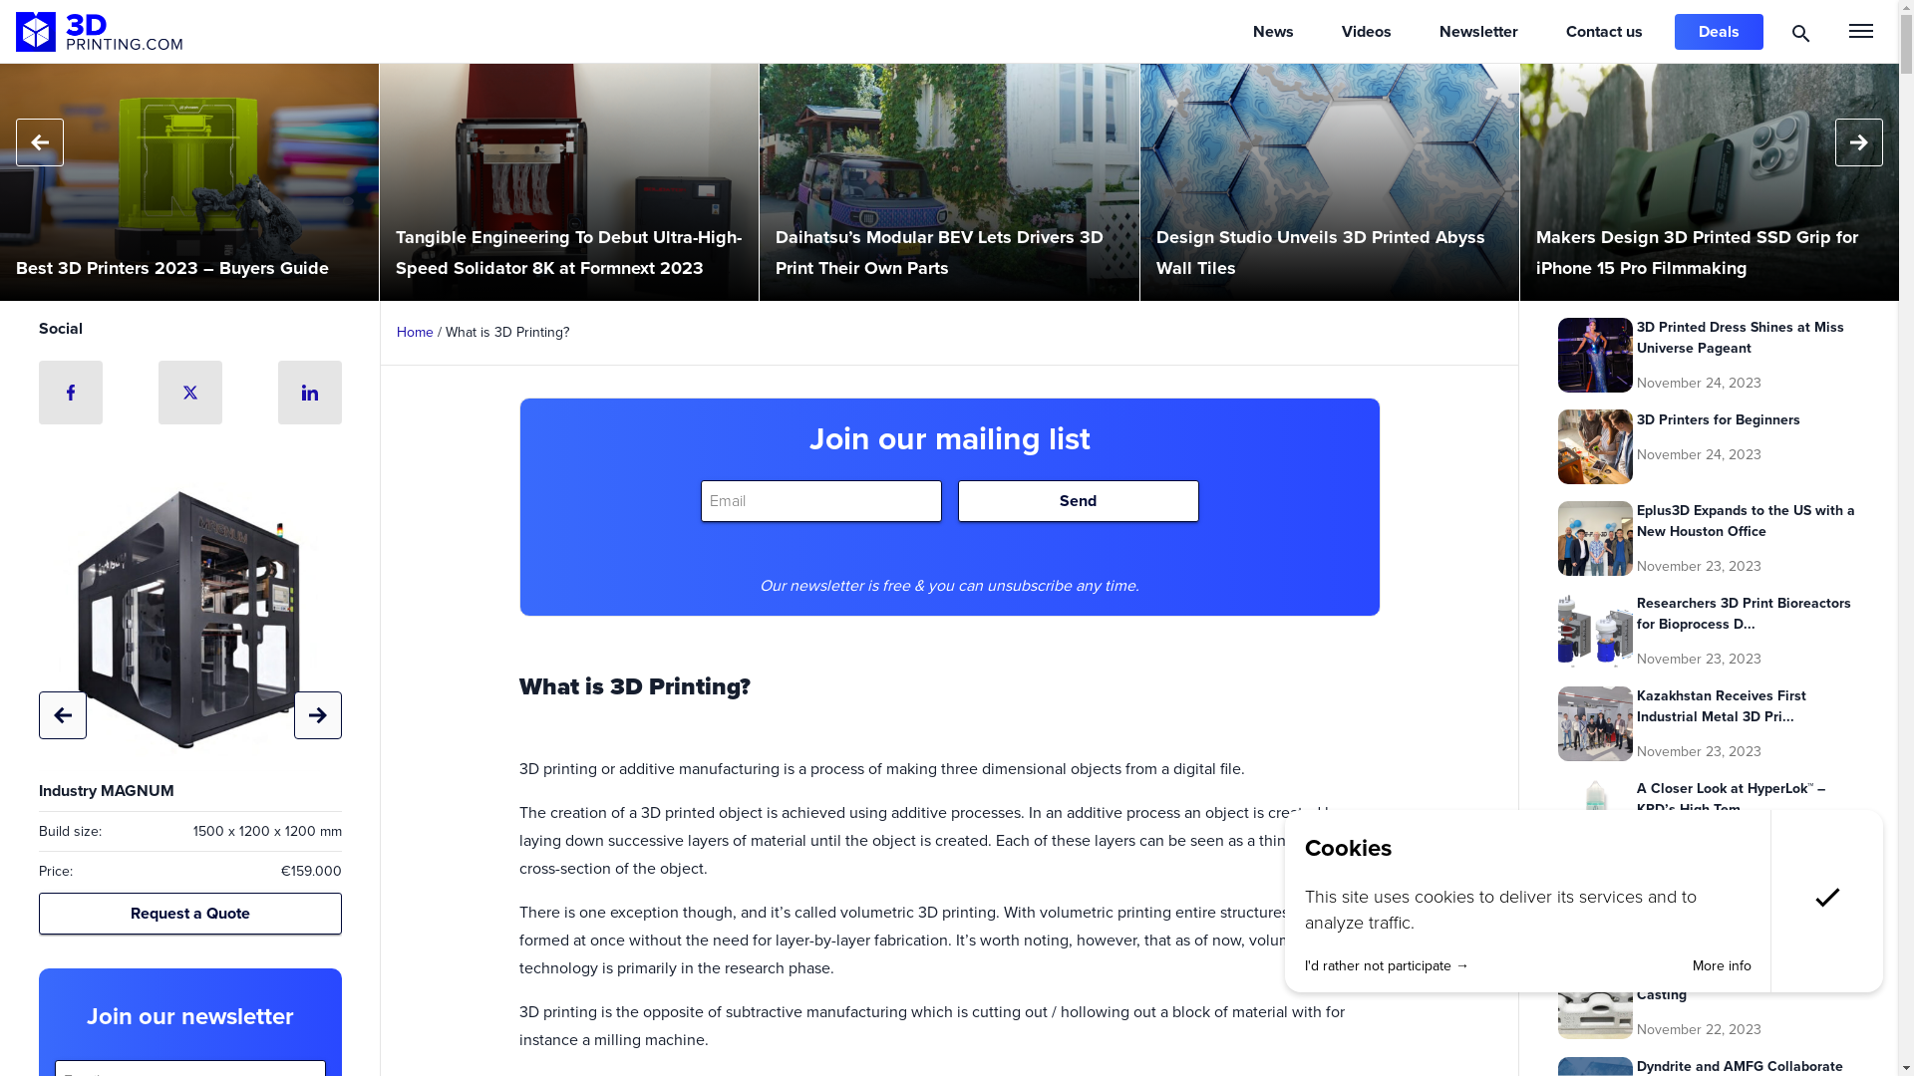 The width and height of the screenshot is (1914, 1076). What do you see at coordinates (1330, 181) in the screenshot?
I see `'Design Studio Unveils 3D Printed Abyss Wall Tiles'` at bounding box center [1330, 181].